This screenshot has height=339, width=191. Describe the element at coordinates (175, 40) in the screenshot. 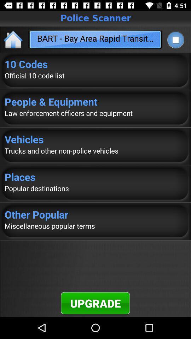

I see `stop current player` at that location.